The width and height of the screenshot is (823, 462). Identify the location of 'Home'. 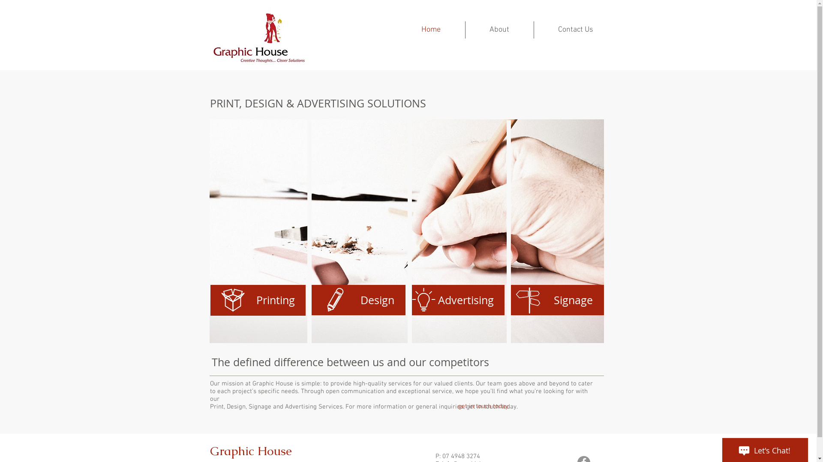
(431, 29).